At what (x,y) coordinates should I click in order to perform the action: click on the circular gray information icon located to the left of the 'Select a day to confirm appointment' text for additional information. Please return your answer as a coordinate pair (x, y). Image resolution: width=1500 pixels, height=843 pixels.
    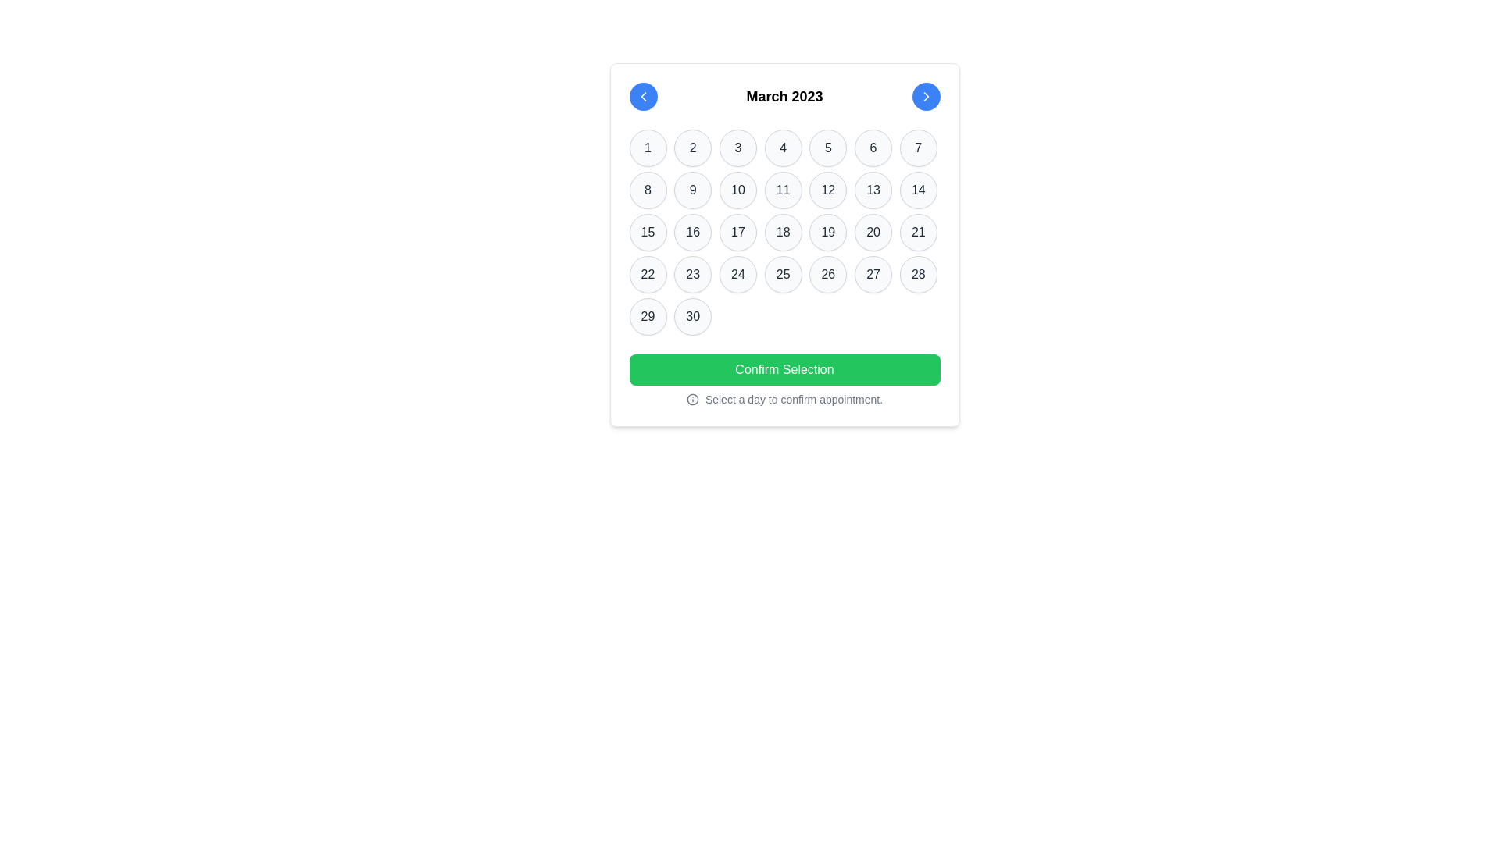
    Looking at the image, I should click on (691, 399).